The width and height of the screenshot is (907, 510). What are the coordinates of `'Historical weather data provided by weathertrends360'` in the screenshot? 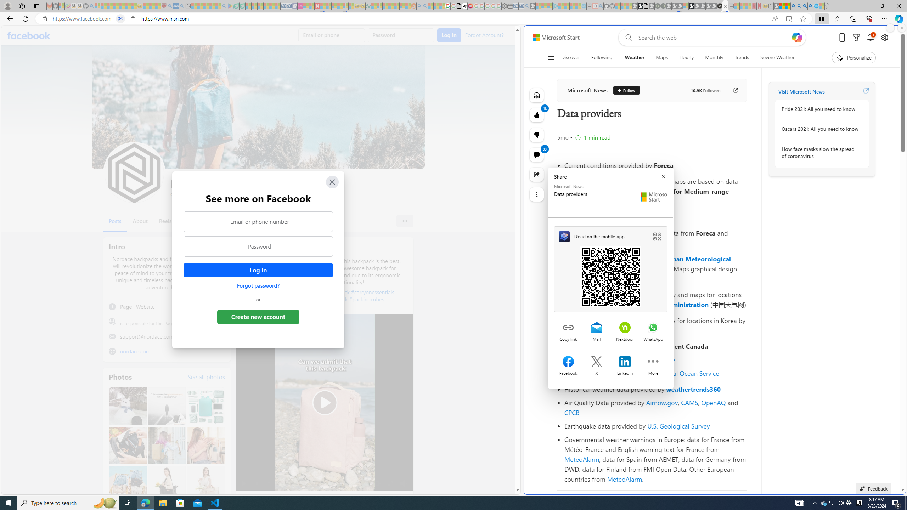 It's located at (655, 389).